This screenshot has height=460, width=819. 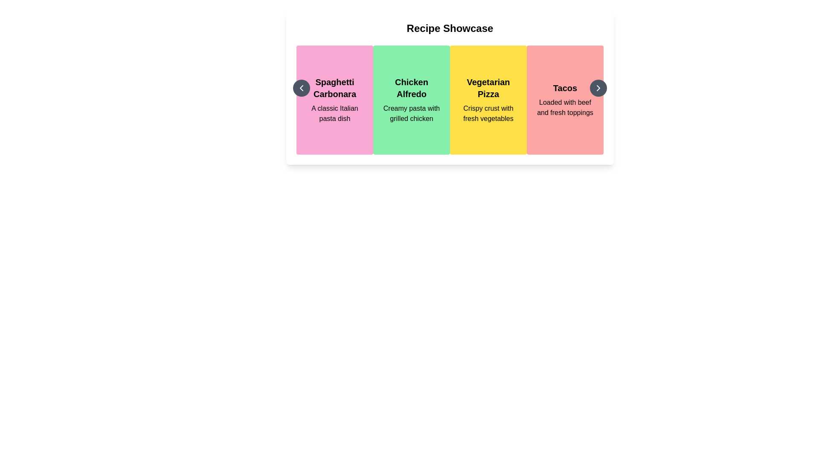 What do you see at coordinates (301, 88) in the screenshot?
I see `the leftward navigation chevron icon inside the circular button structure to potentially reveal a tooltip` at bounding box center [301, 88].